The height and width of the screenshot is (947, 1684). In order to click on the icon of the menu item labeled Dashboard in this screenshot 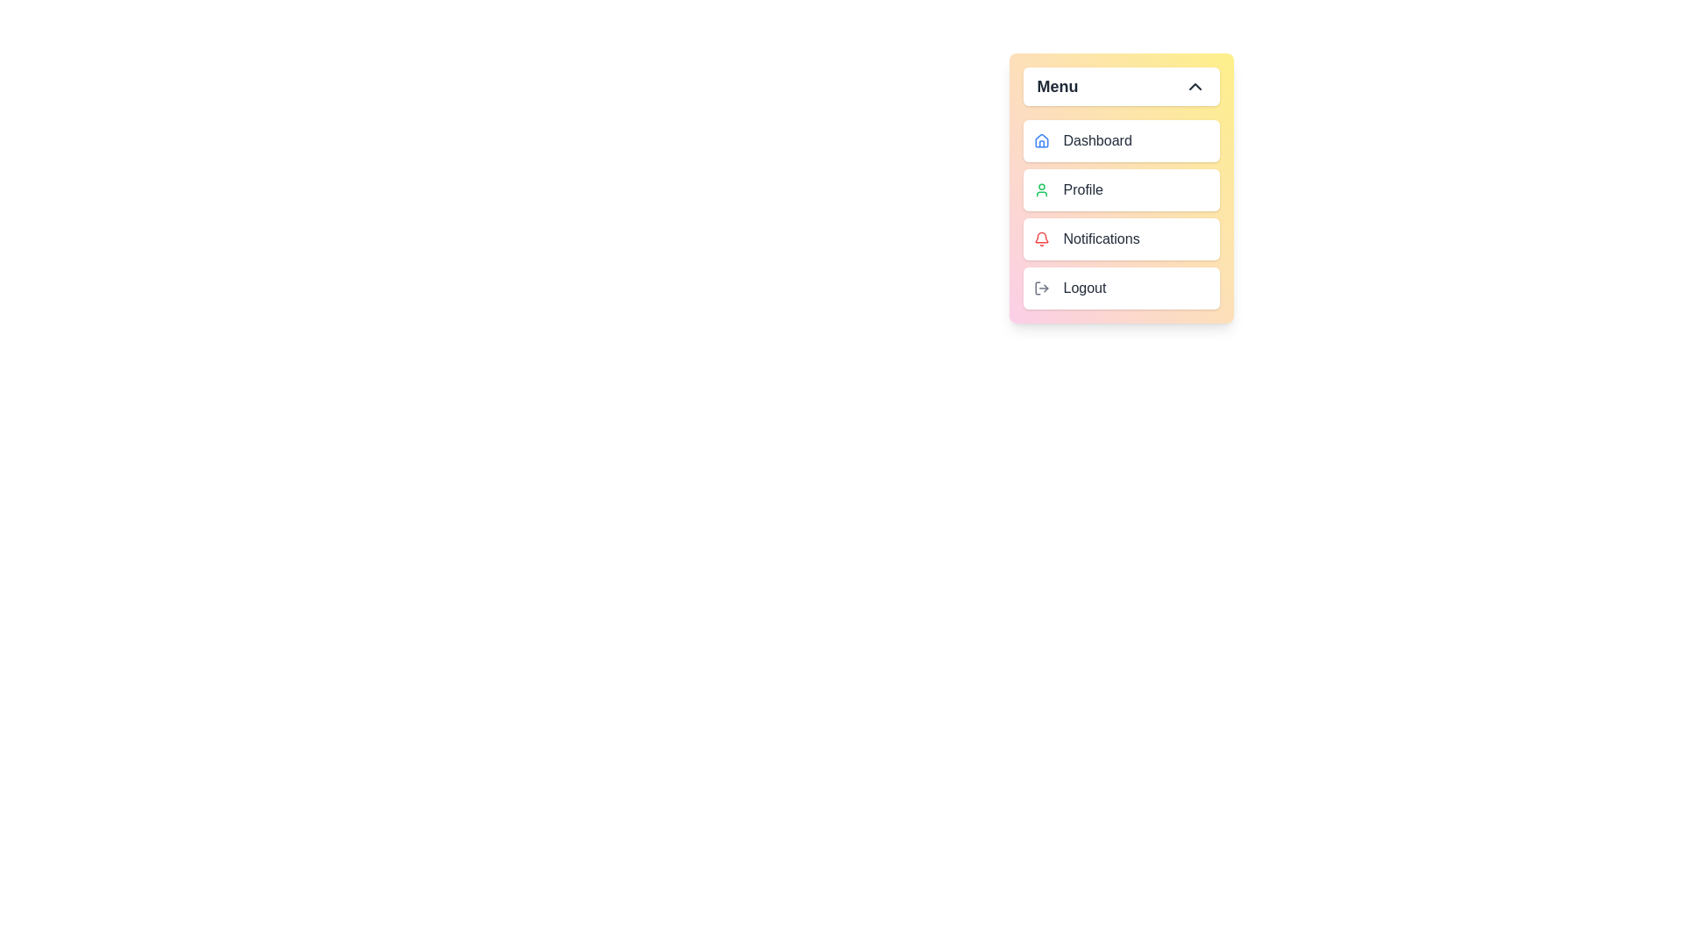, I will do `click(1041, 140)`.